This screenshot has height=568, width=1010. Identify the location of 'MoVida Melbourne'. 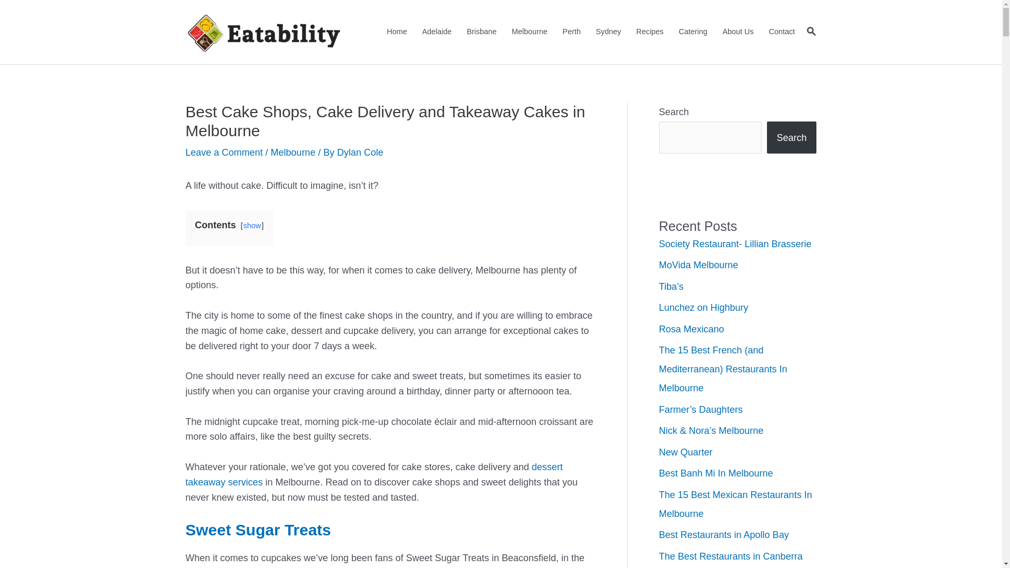
(698, 265).